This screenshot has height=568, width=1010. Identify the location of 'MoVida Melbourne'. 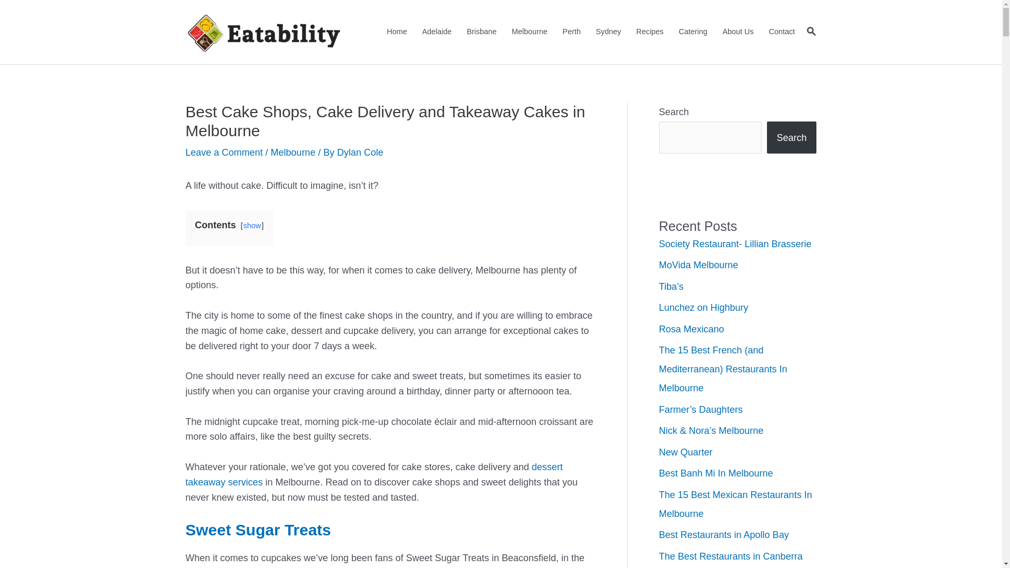
(698, 265).